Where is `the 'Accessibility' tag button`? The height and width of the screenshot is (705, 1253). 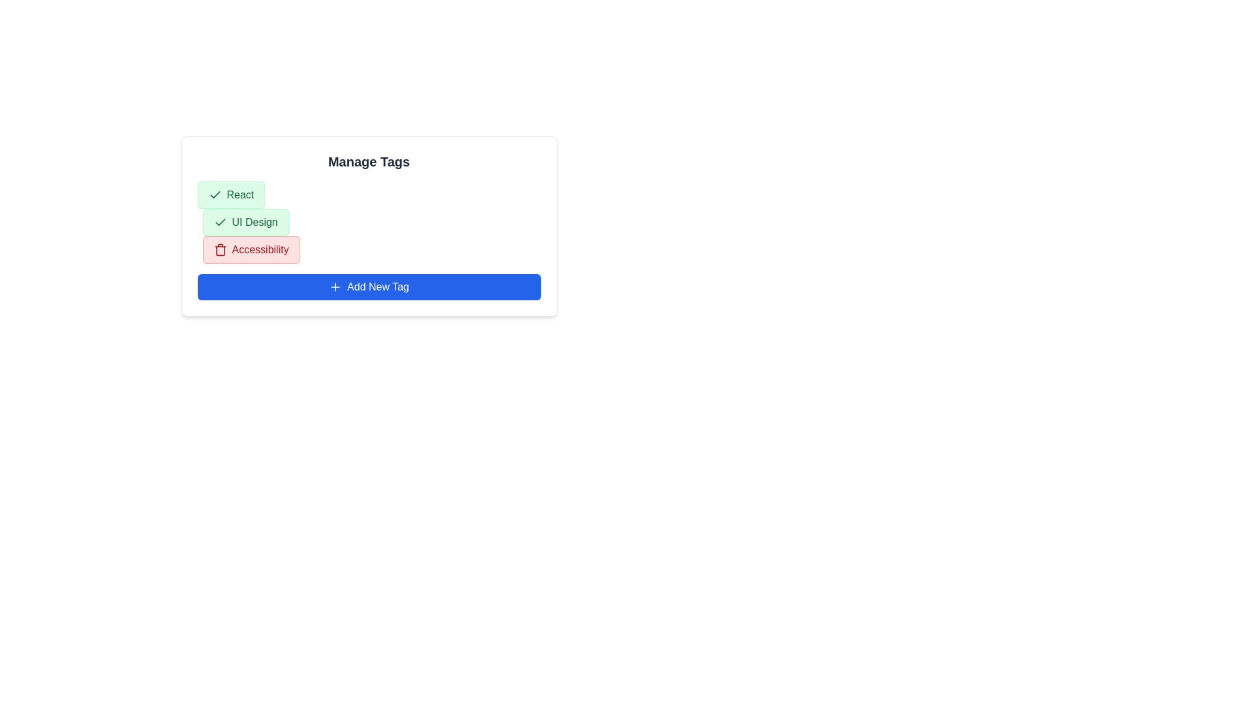 the 'Accessibility' tag button is located at coordinates (251, 249).